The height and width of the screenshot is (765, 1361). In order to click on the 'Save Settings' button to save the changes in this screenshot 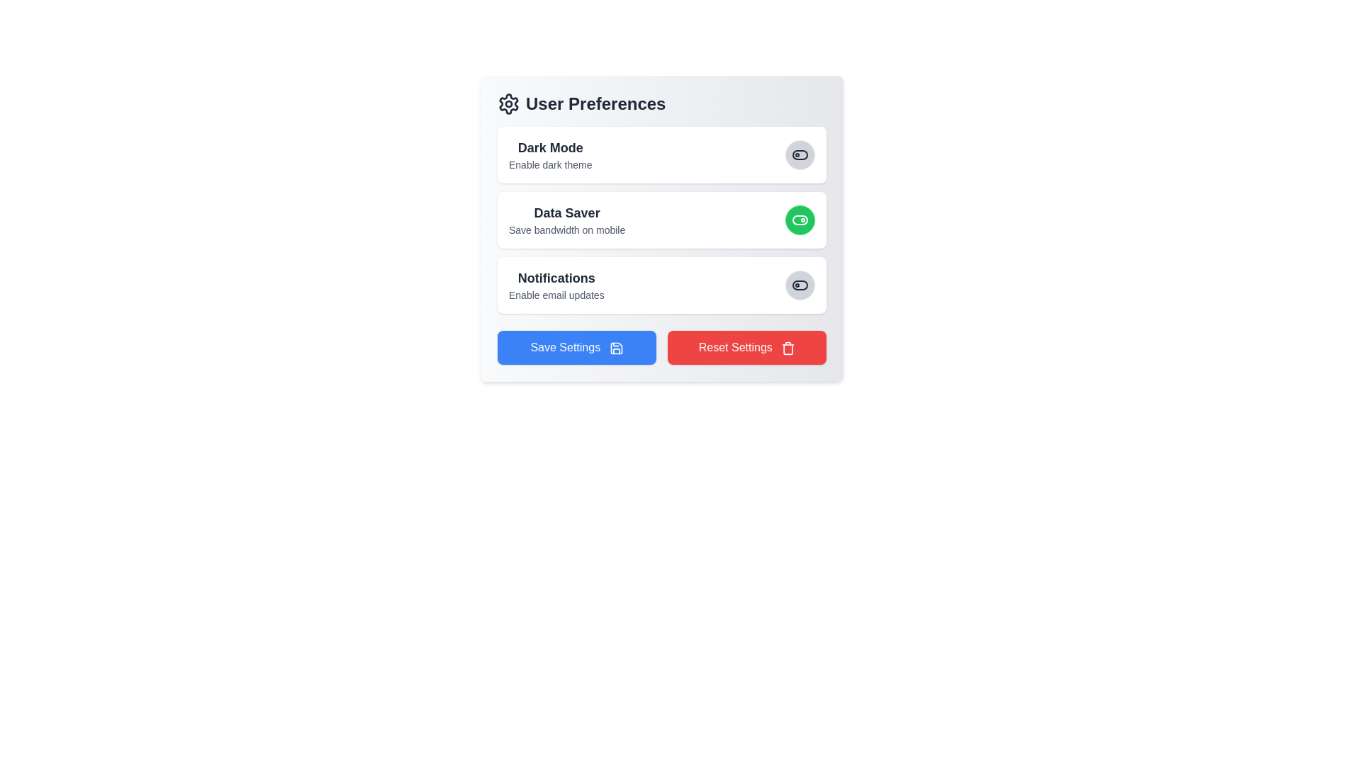, I will do `click(577, 347)`.